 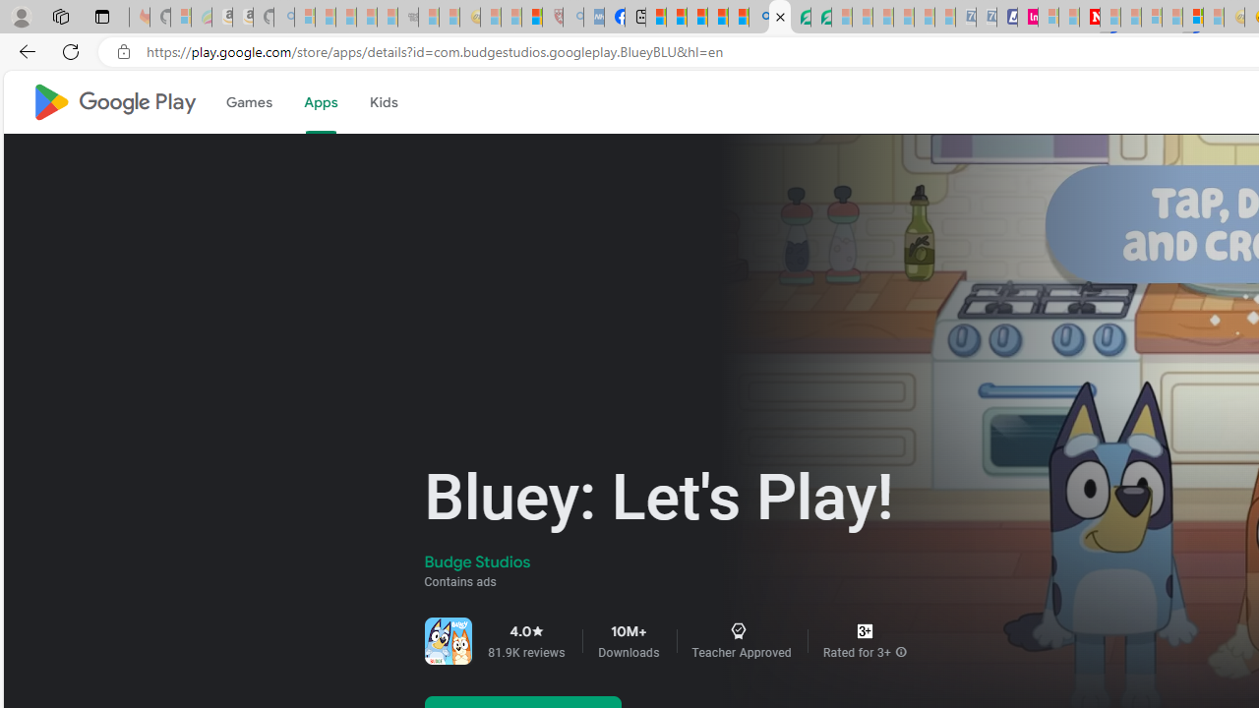 I want to click on 'Recipes - MSN - Sleeping', so click(x=491, y=17).